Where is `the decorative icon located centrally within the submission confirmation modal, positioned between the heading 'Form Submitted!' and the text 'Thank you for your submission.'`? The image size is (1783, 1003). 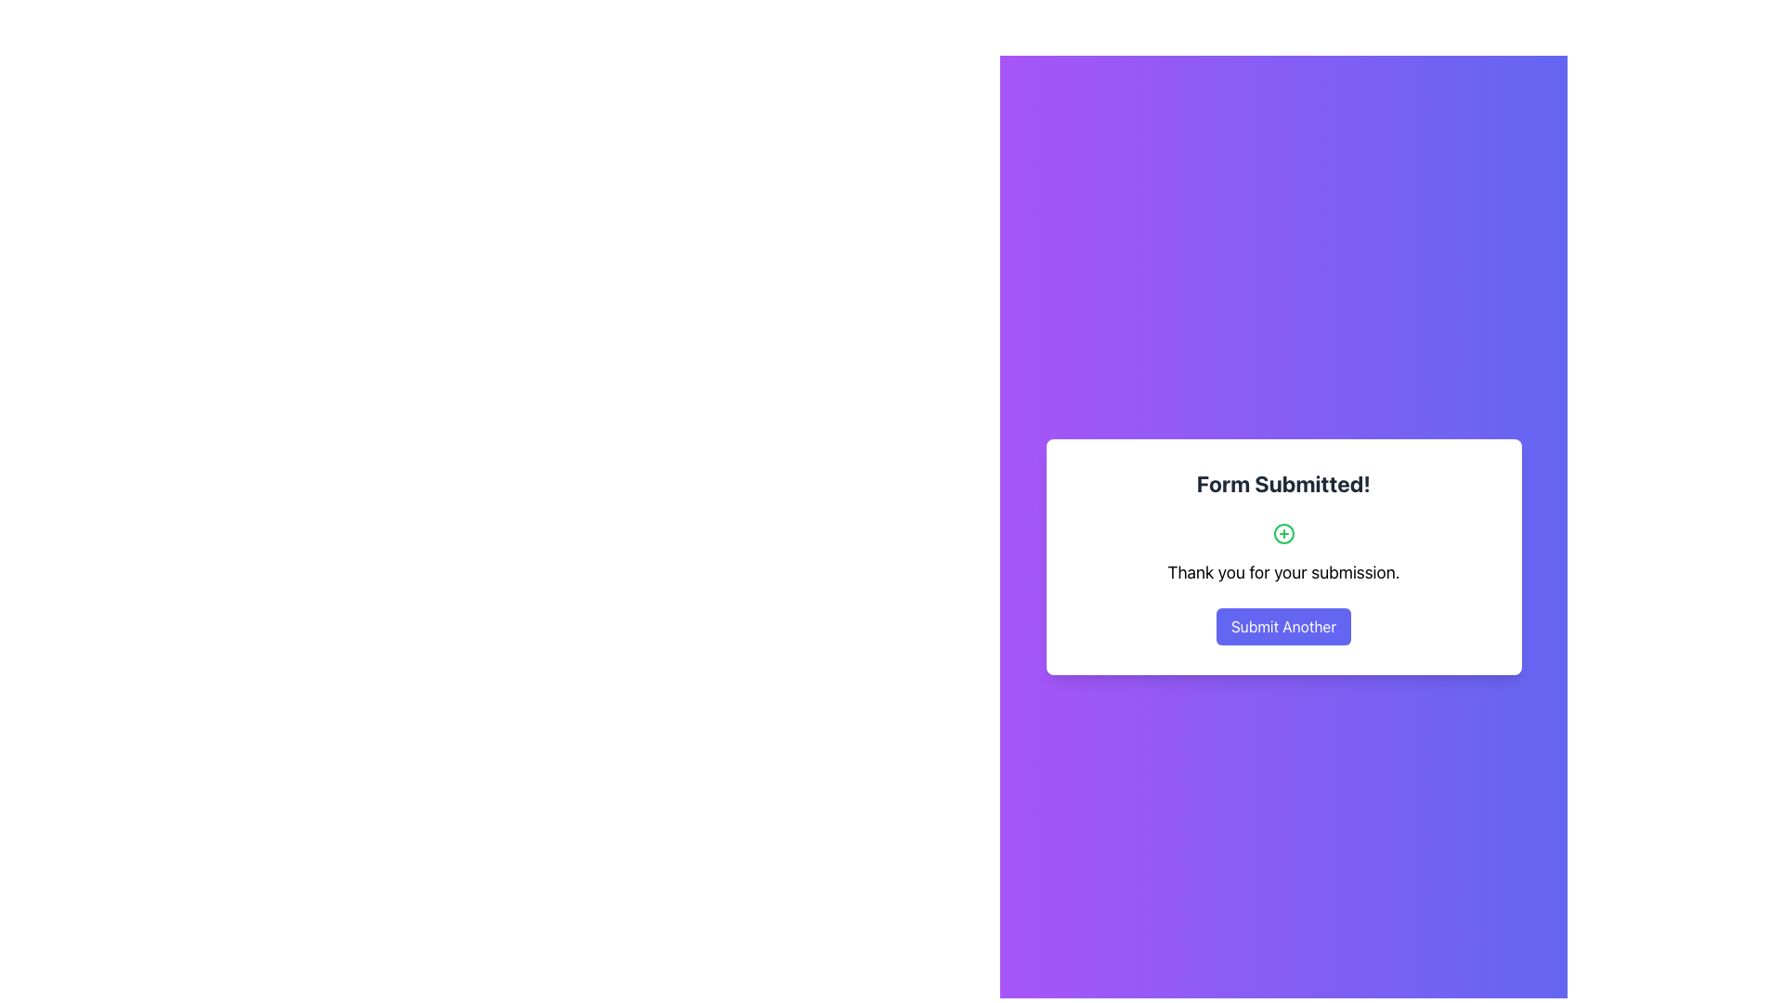 the decorative icon located centrally within the submission confirmation modal, positioned between the heading 'Form Submitted!' and the text 'Thank you for your submission.' is located at coordinates (1282, 533).